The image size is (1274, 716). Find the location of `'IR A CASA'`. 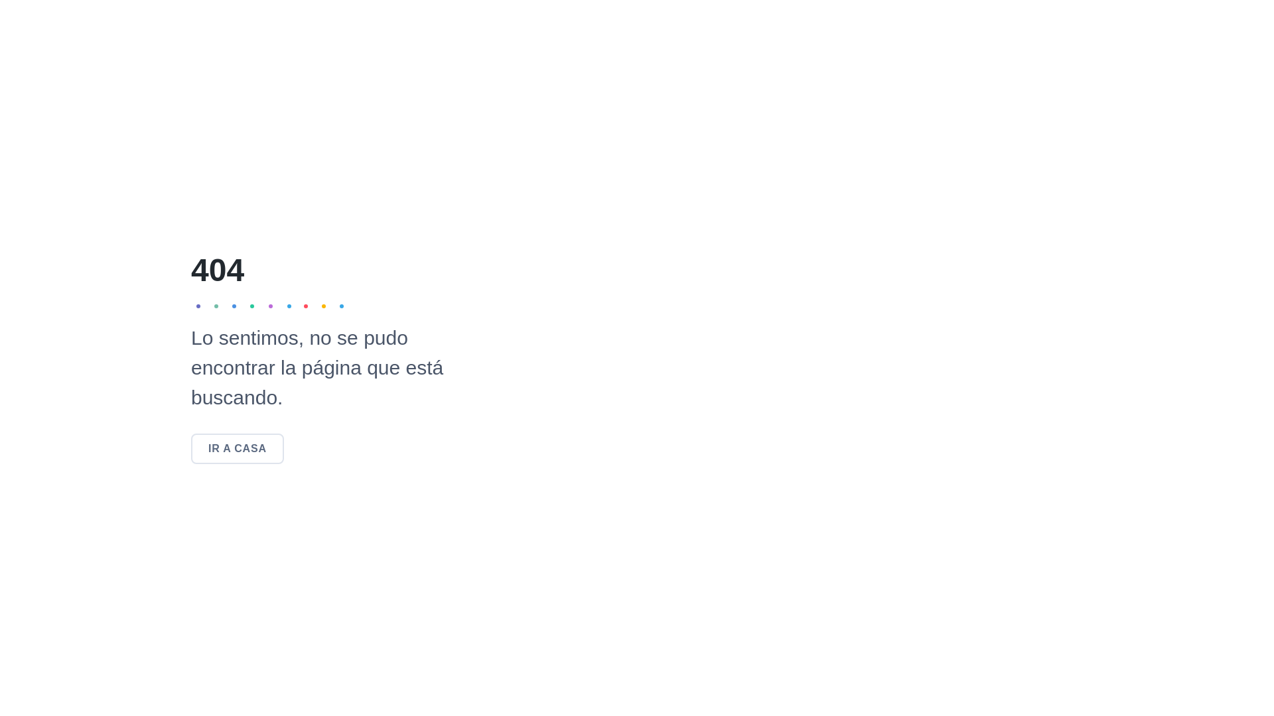

'IR A CASA' is located at coordinates (238, 448).